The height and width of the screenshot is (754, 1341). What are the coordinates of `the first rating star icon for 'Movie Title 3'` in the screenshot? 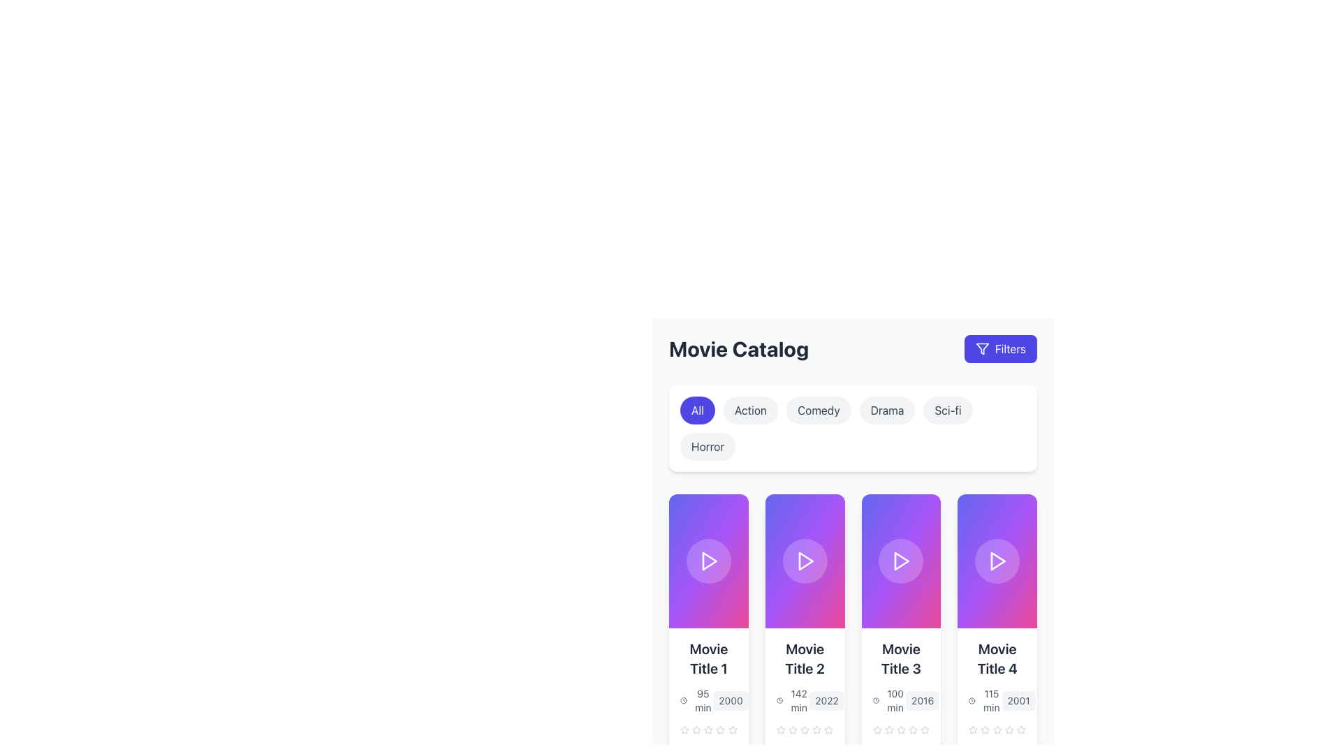 It's located at (913, 729).